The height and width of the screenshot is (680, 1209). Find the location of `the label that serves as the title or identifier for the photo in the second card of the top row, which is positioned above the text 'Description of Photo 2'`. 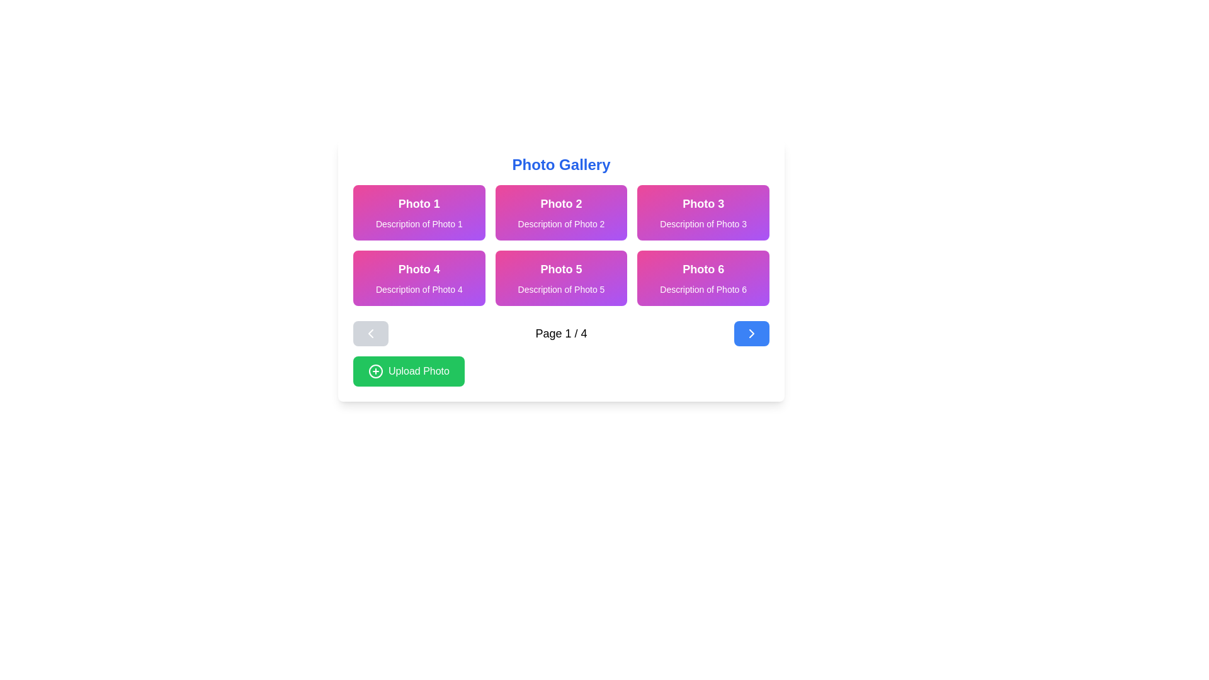

the label that serves as the title or identifier for the photo in the second card of the top row, which is positioned above the text 'Description of Photo 2' is located at coordinates (560, 203).